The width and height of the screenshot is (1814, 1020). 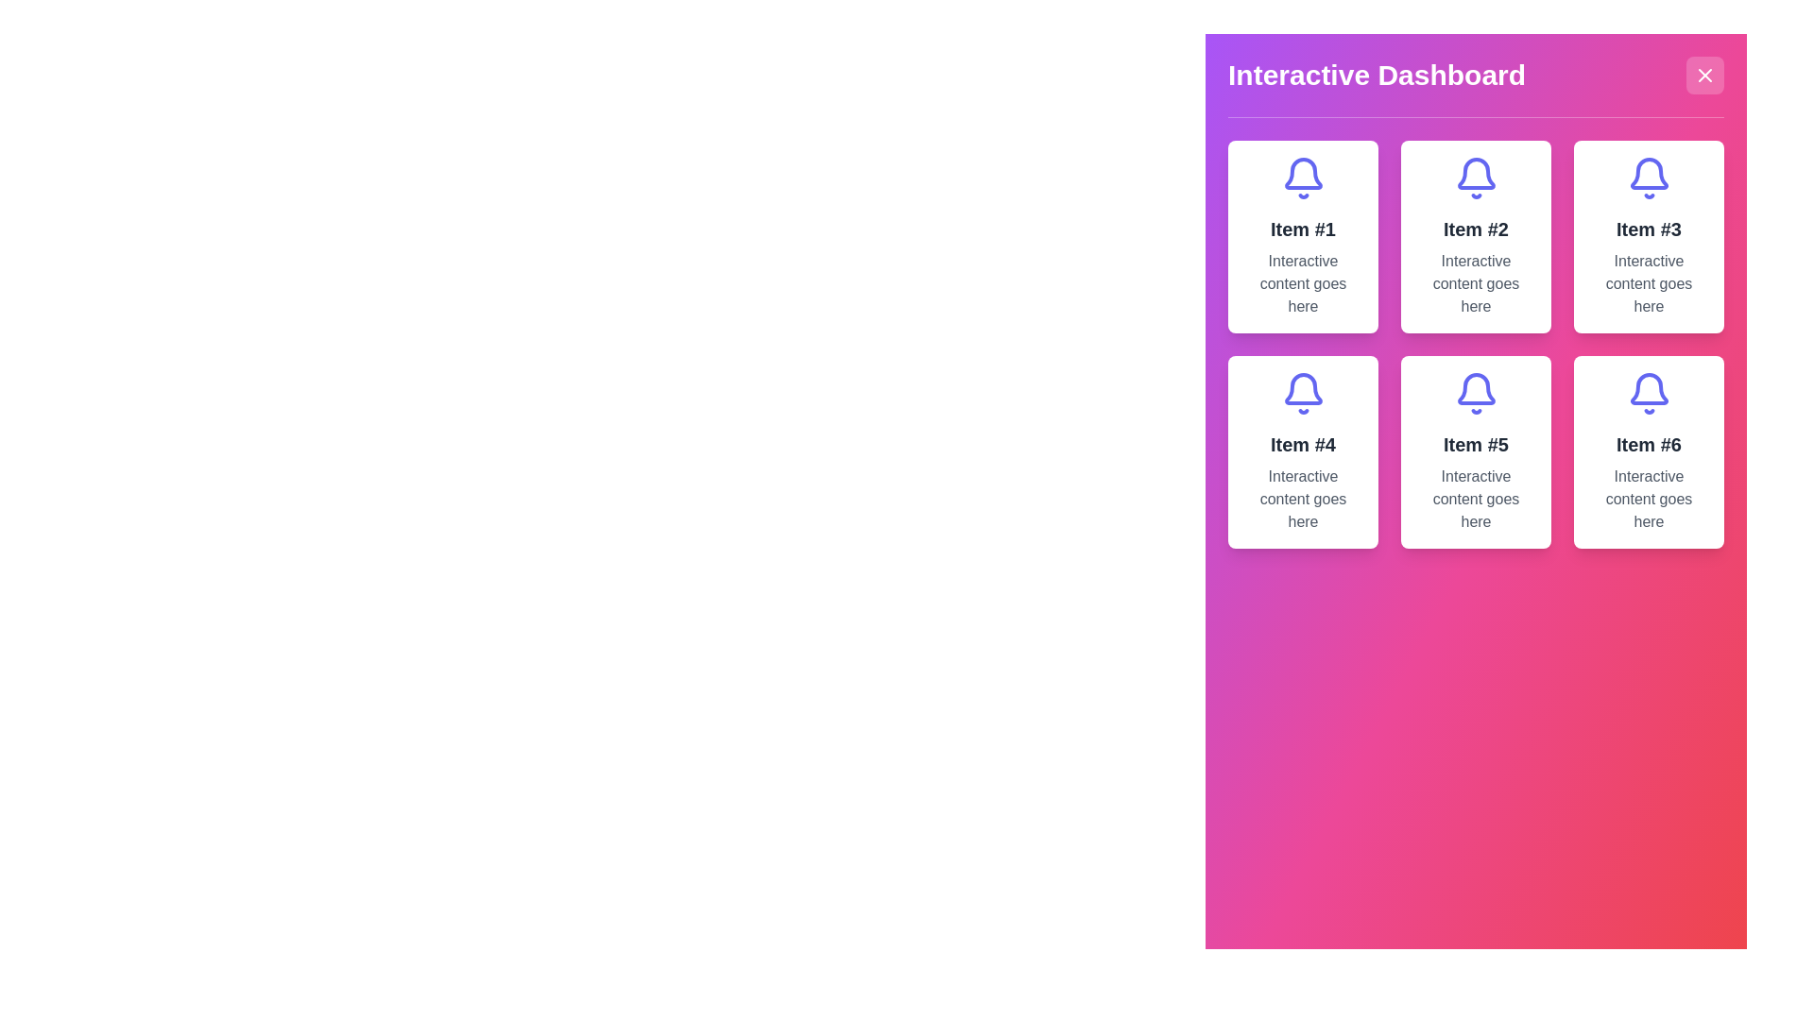 What do you see at coordinates (1302, 235) in the screenshot?
I see `the top-left composite card element in the grid layout` at bounding box center [1302, 235].